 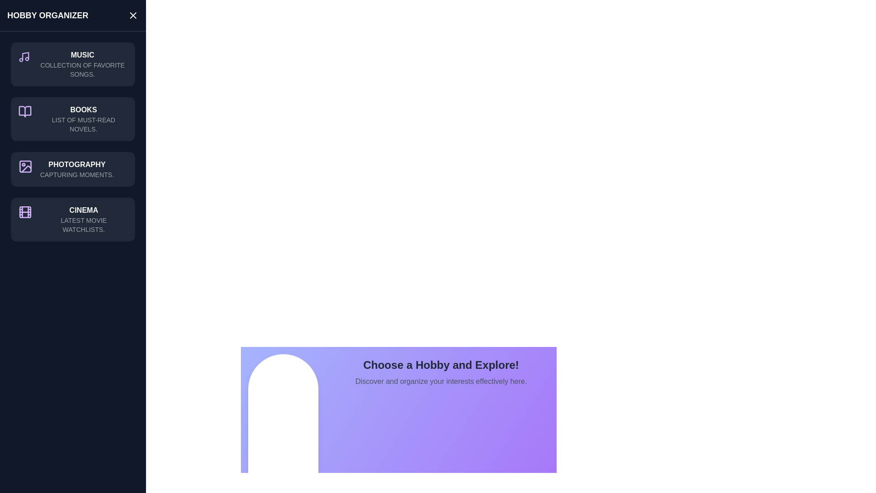 I want to click on the Cinema hobby category in the list, so click(x=72, y=220).